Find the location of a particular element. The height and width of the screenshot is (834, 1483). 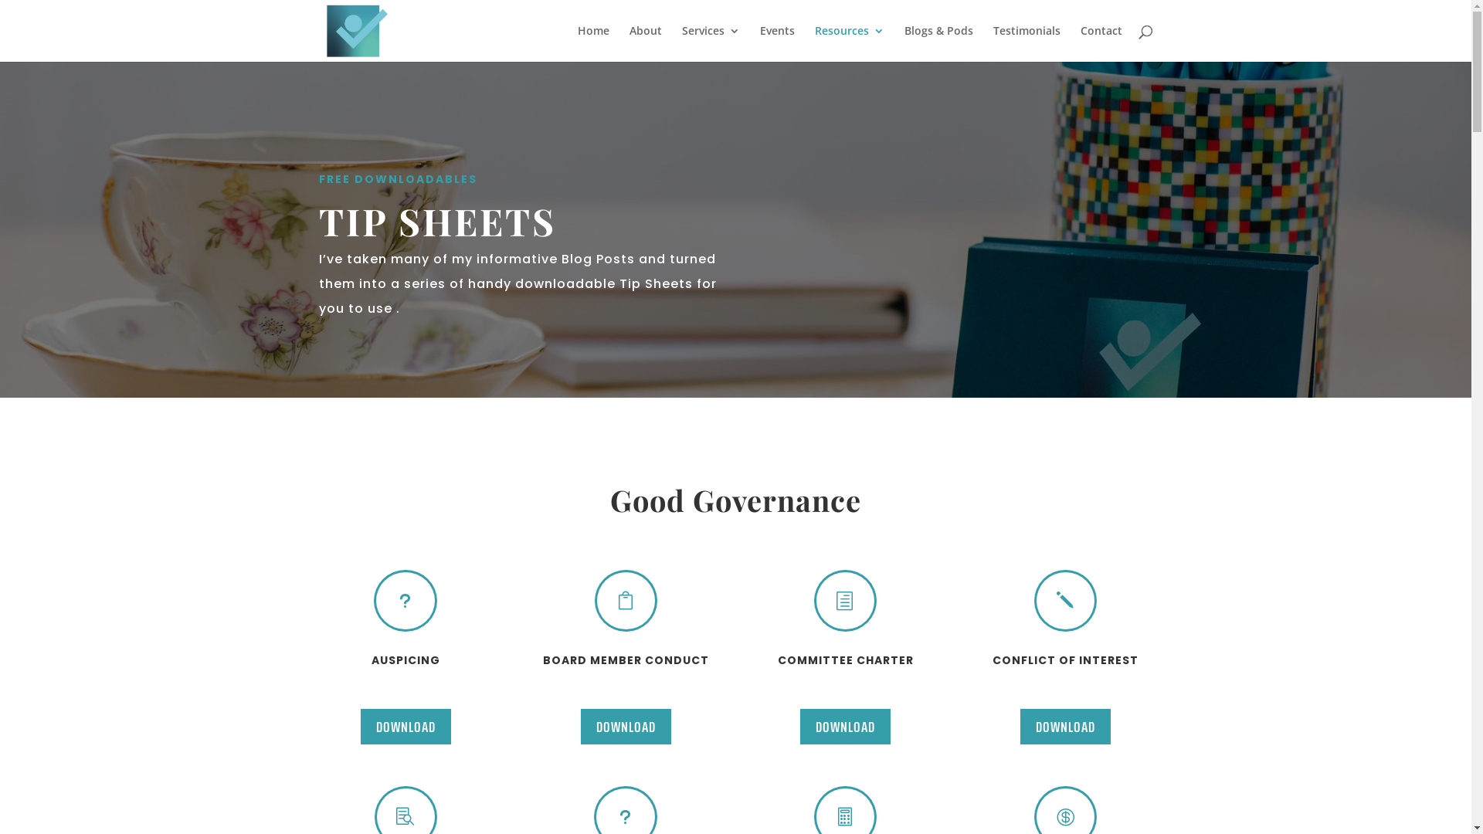

'Blogs & Pods' is located at coordinates (937, 42).